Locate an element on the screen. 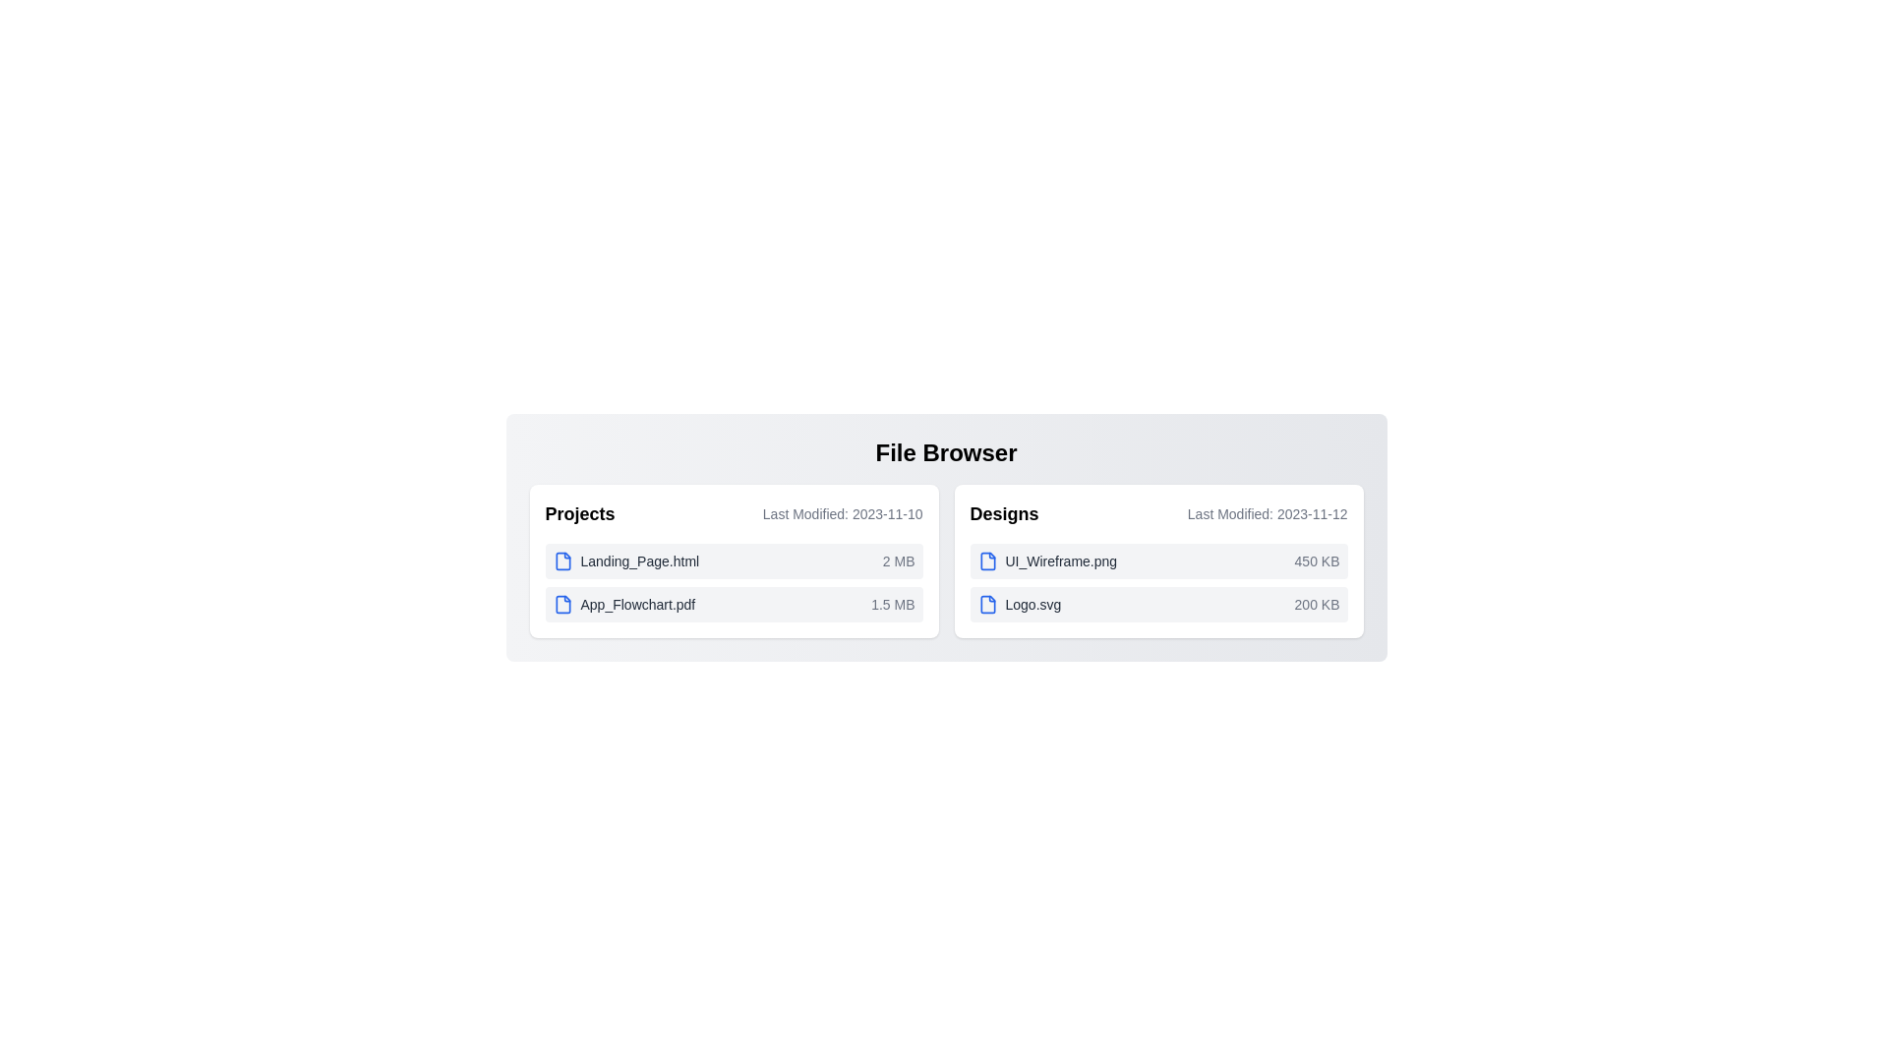 The width and height of the screenshot is (1888, 1062). the file entry Landing_Page.html to highlight it is located at coordinates (733, 560).